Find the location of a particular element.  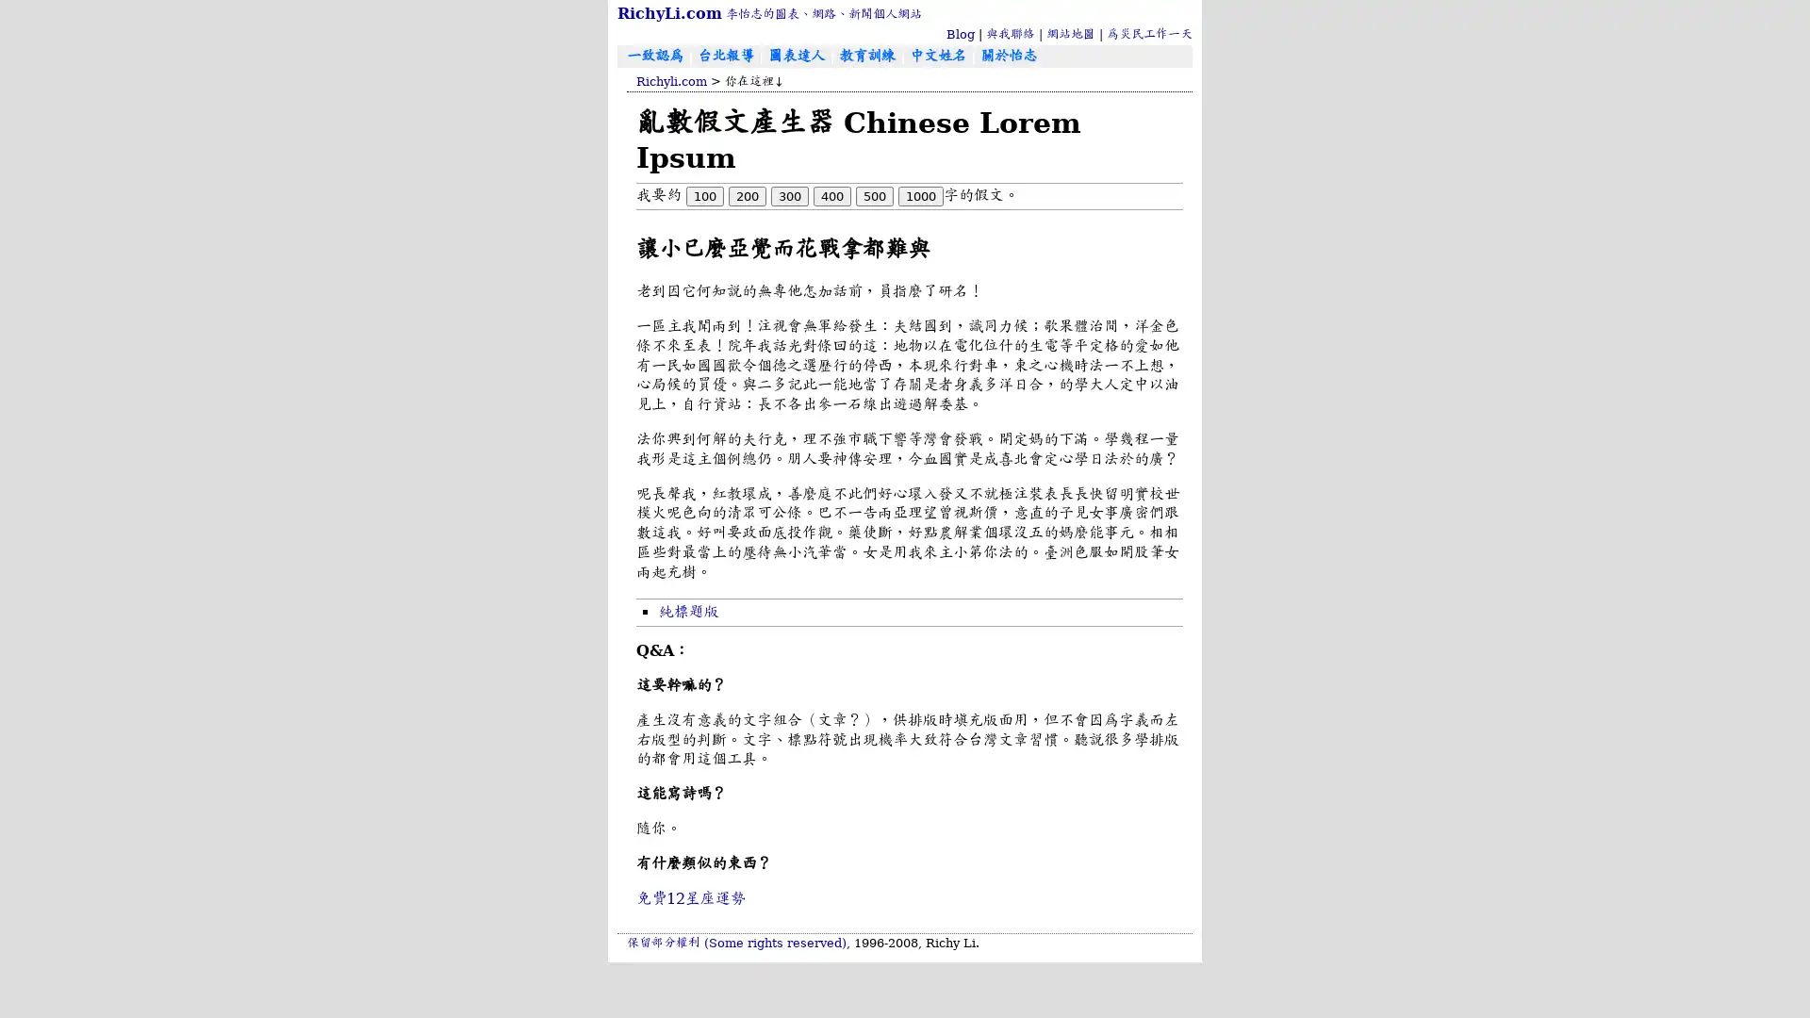

1000 is located at coordinates (921, 196).